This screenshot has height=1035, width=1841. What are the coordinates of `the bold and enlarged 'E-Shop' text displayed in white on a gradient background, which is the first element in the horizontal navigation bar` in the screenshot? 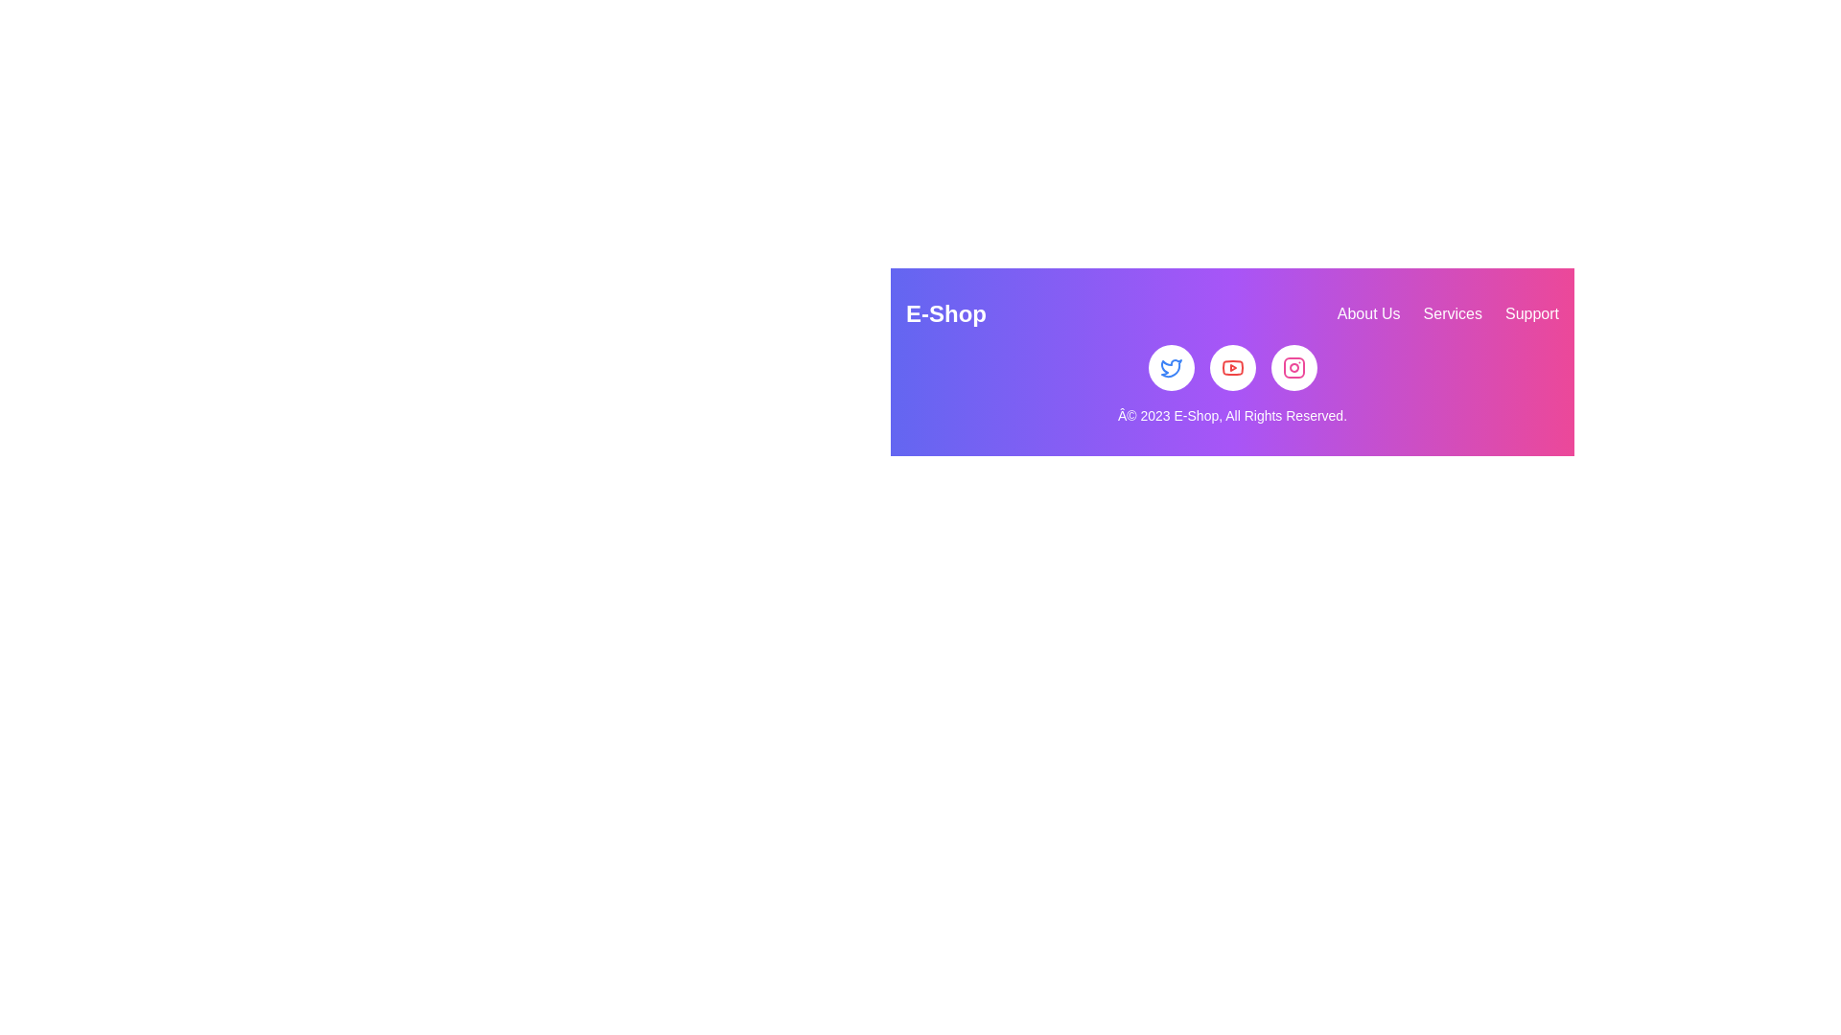 It's located at (946, 312).